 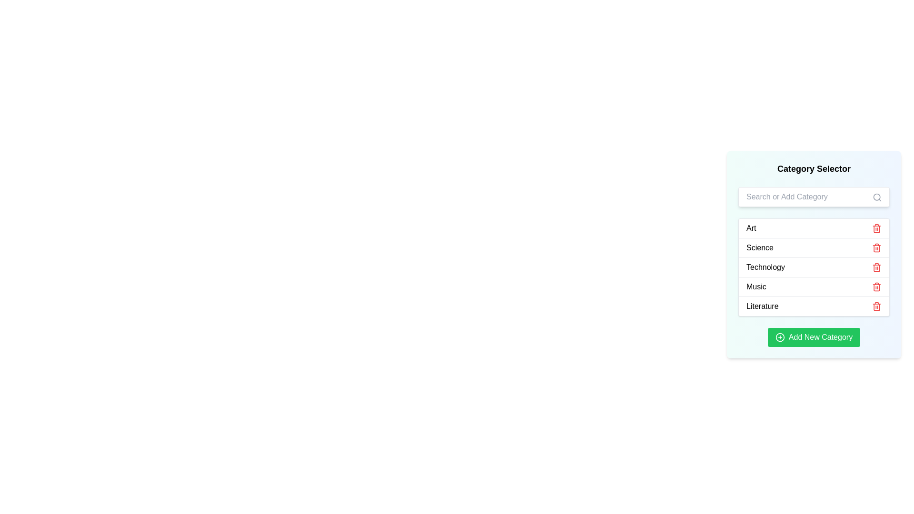 What do you see at coordinates (876, 286) in the screenshot?
I see `the red trash can icon button located to the right of the 'Music' entry in the list` at bounding box center [876, 286].